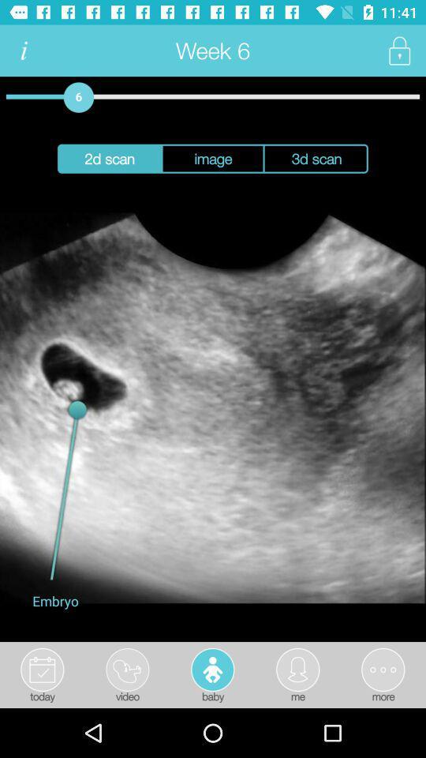 The height and width of the screenshot is (758, 426). What do you see at coordinates (23, 51) in the screenshot?
I see `information button` at bounding box center [23, 51].